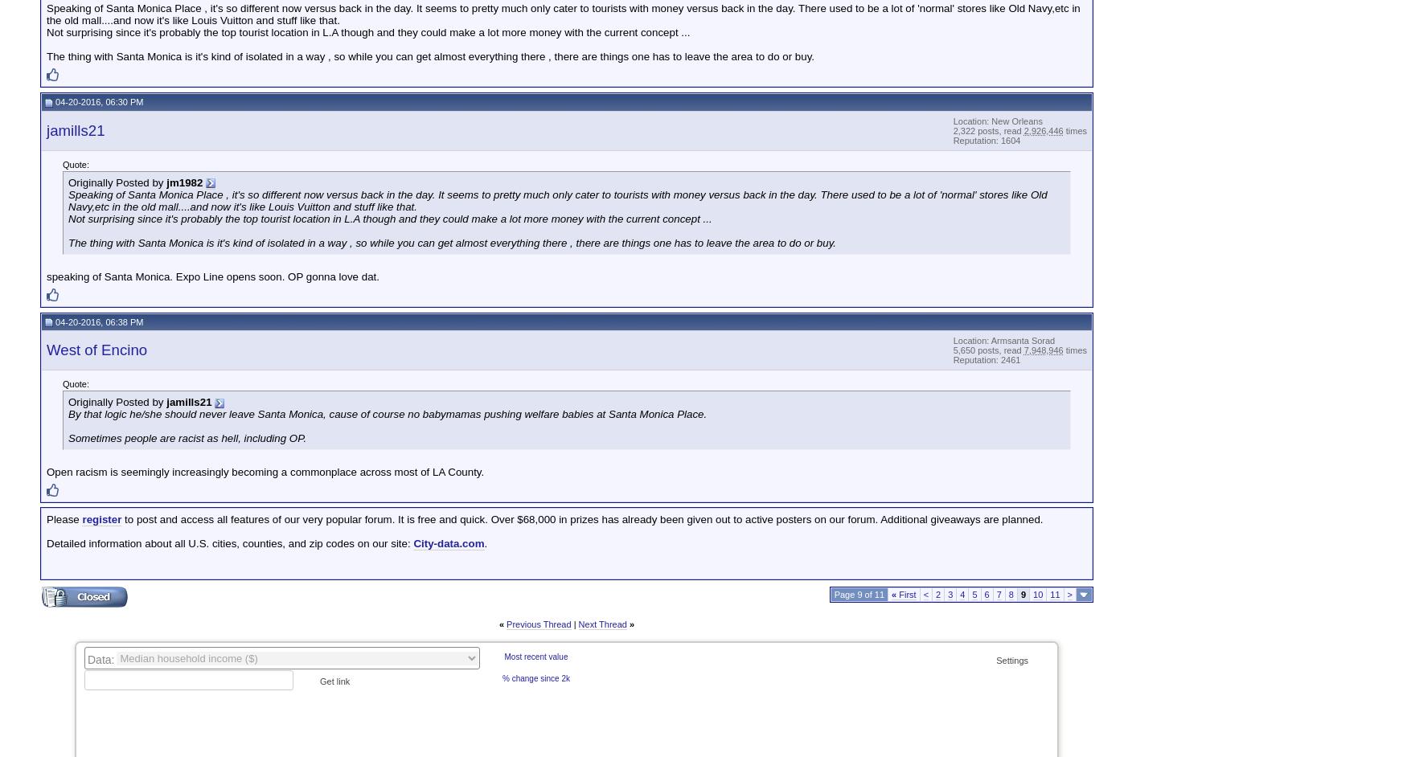 Image resolution: width=1407 pixels, height=757 pixels. What do you see at coordinates (1053, 594) in the screenshot?
I see `'11'` at bounding box center [1053, 594].